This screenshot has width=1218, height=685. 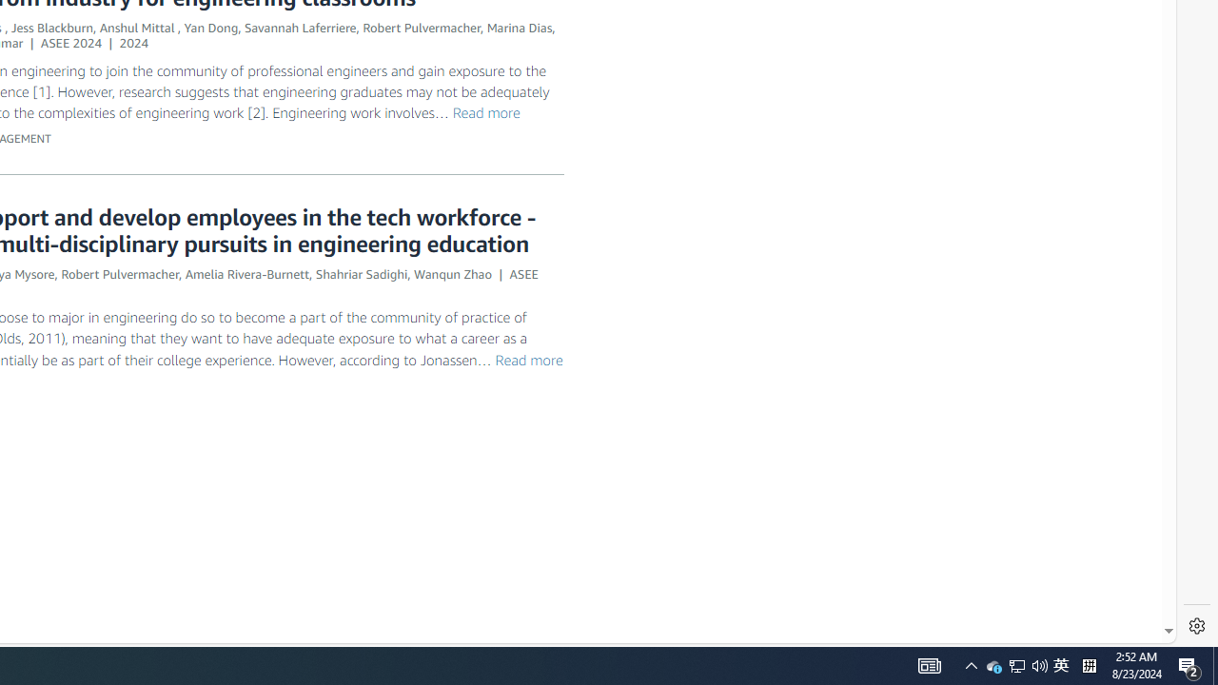 I want to click on 'Shahriar Sadighi', so click(x=362, y=274).